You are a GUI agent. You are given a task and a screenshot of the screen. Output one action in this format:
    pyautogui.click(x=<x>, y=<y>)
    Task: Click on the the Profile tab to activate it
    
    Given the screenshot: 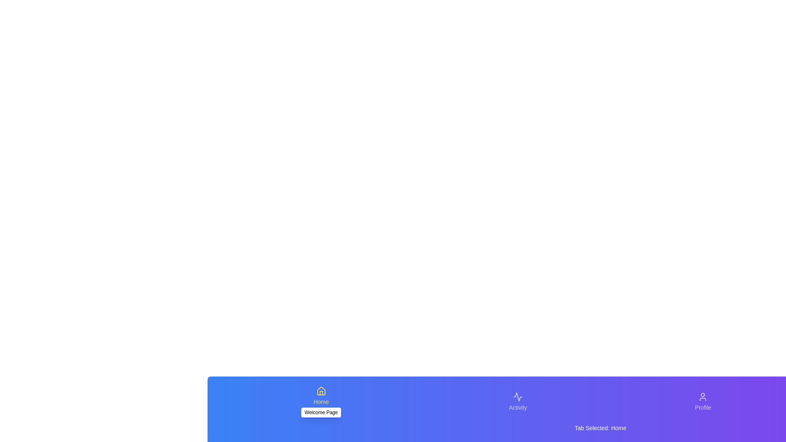 What is the action you would take?
    pyautogui.click(x=702, y=401)
    